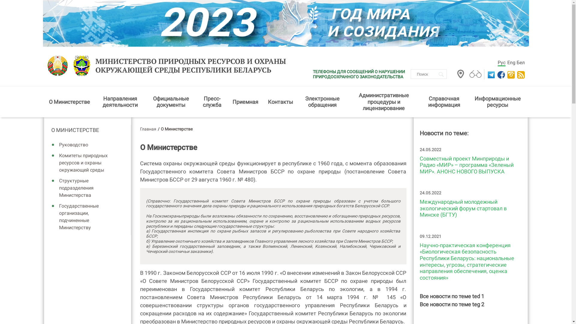 The height and width of the screenshot is (324, 576). Describe the element at coordinates (497, 74) in the screenshot. I see `'Facebook'` at that location.